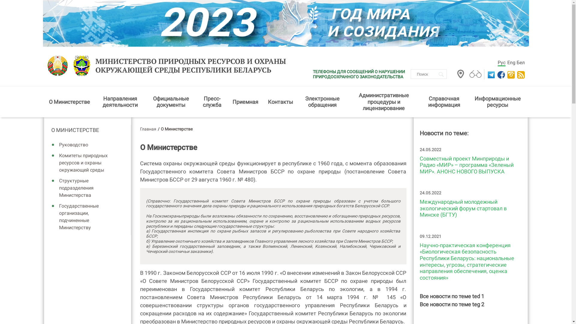 The height and width of the screenshot is (324, 576). Describe the element at coordinates (497, 74) in the screenshot. I see `'Facebook'` at that location.